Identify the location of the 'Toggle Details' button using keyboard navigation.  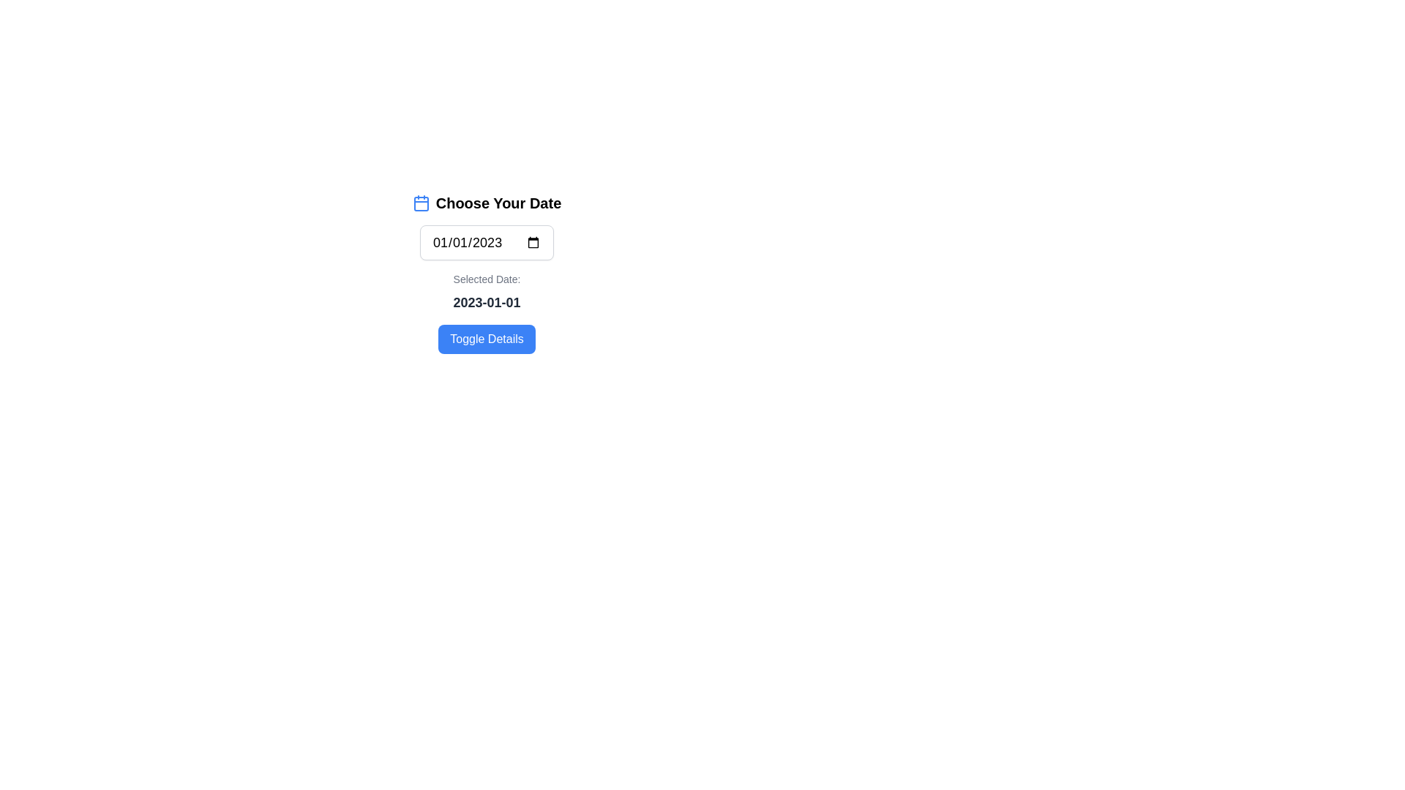
(487, 339).